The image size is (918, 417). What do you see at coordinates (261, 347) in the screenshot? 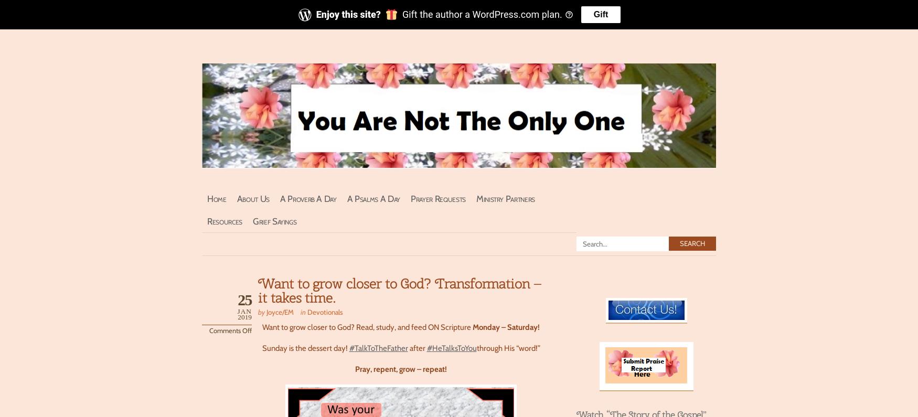
I see `'Sunday is the dessert day!'` at bounding box center [261, 347].